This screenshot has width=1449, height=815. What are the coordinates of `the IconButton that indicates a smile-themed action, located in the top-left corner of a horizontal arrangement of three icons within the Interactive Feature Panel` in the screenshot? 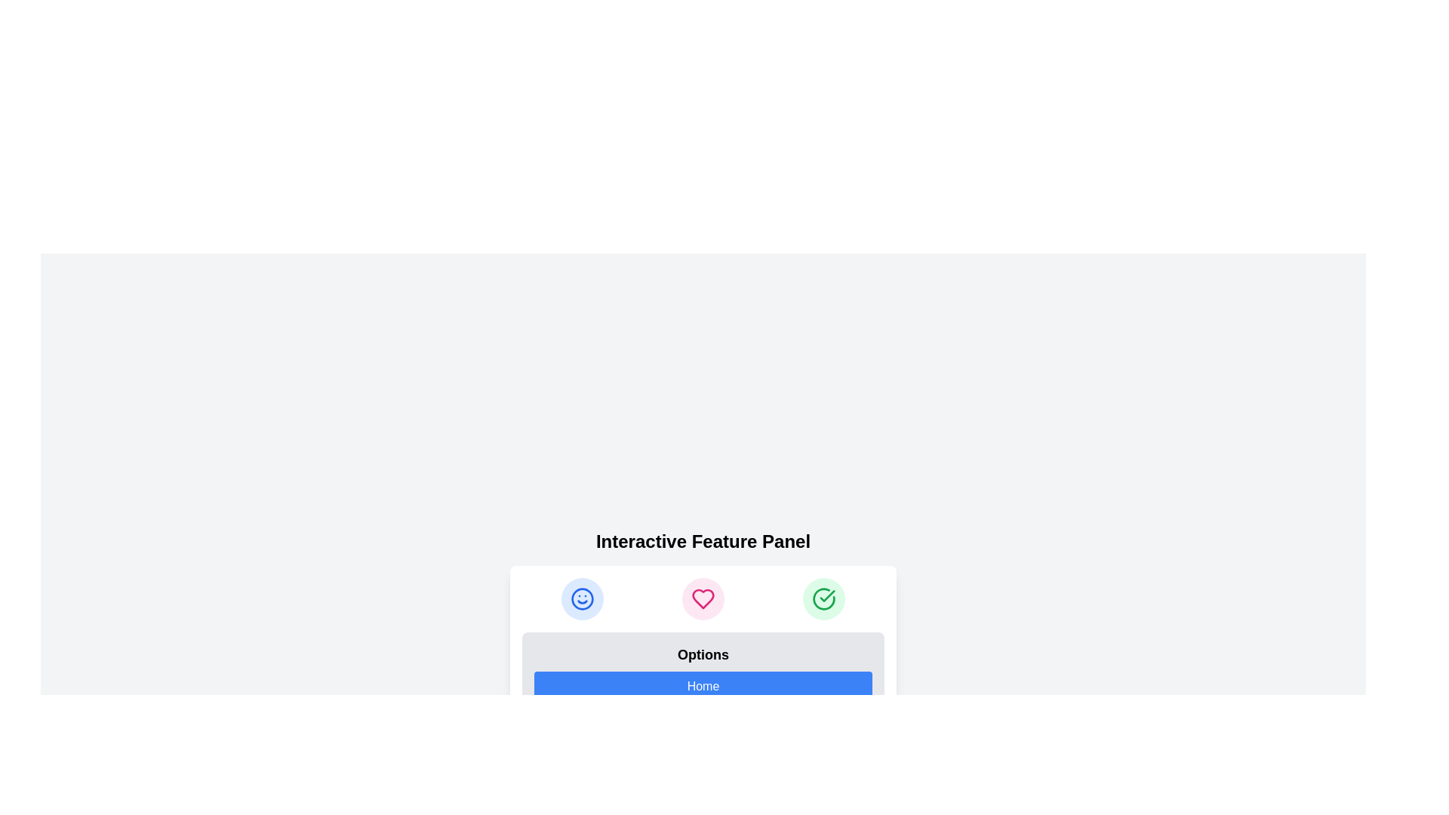 It's located at (582, 598).